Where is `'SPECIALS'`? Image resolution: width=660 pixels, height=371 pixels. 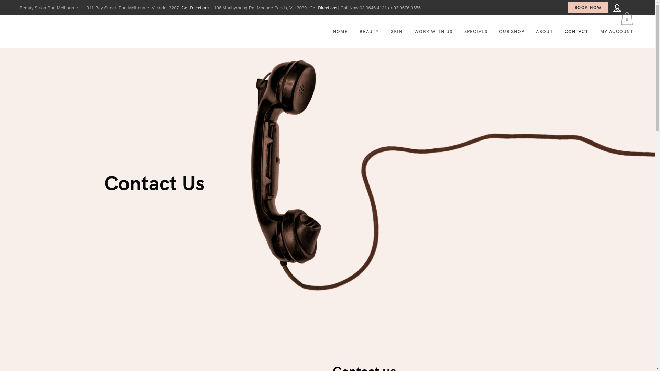
'SPECIALS' is located at coordinates (475, 32).